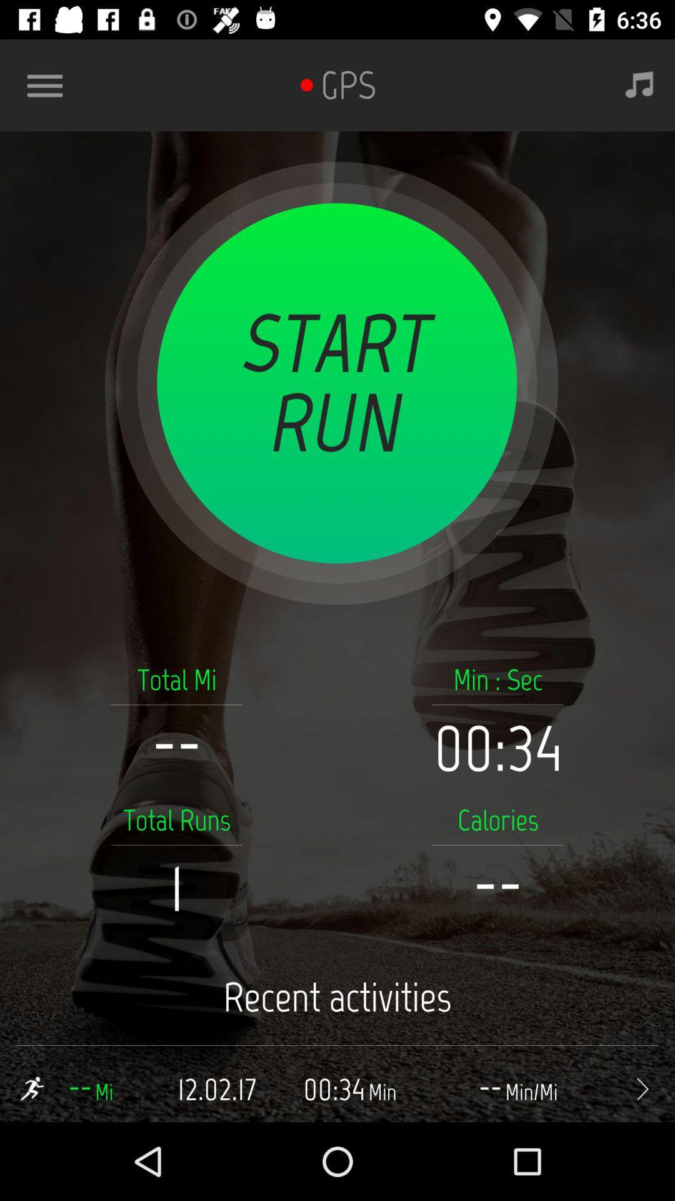 This screenshot has width=675, height=1201. I want to click on listen to music, so click(639, 84).